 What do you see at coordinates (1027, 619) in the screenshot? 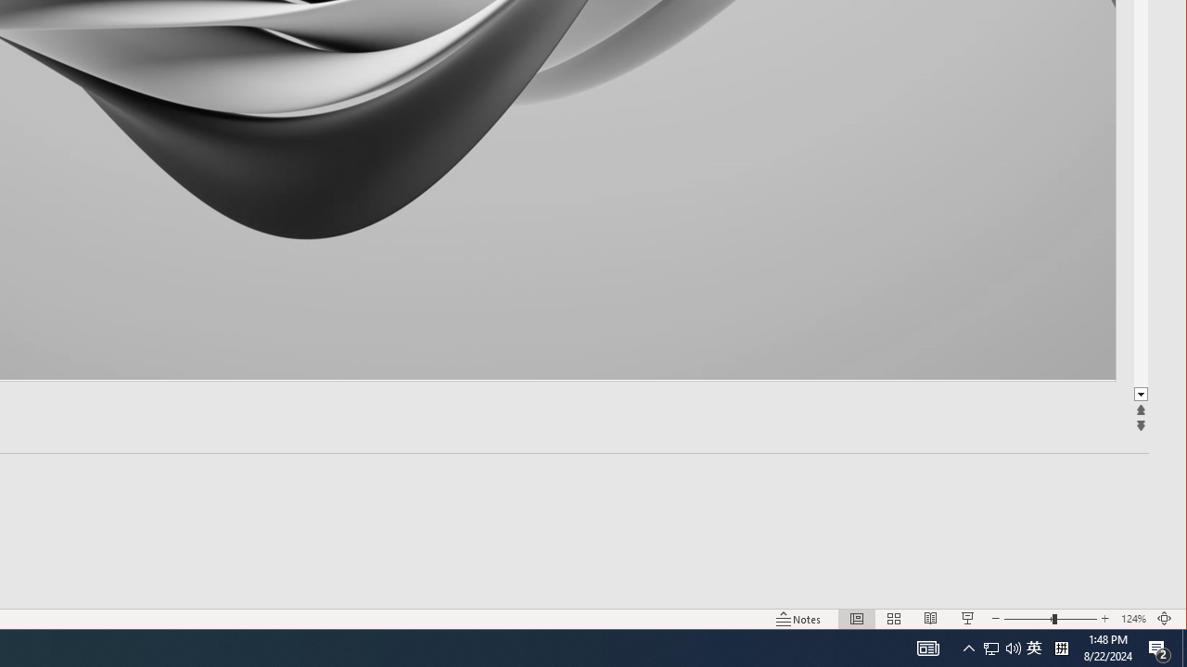
I see `'Zoom Out'` at bounding box center [1027, 619].